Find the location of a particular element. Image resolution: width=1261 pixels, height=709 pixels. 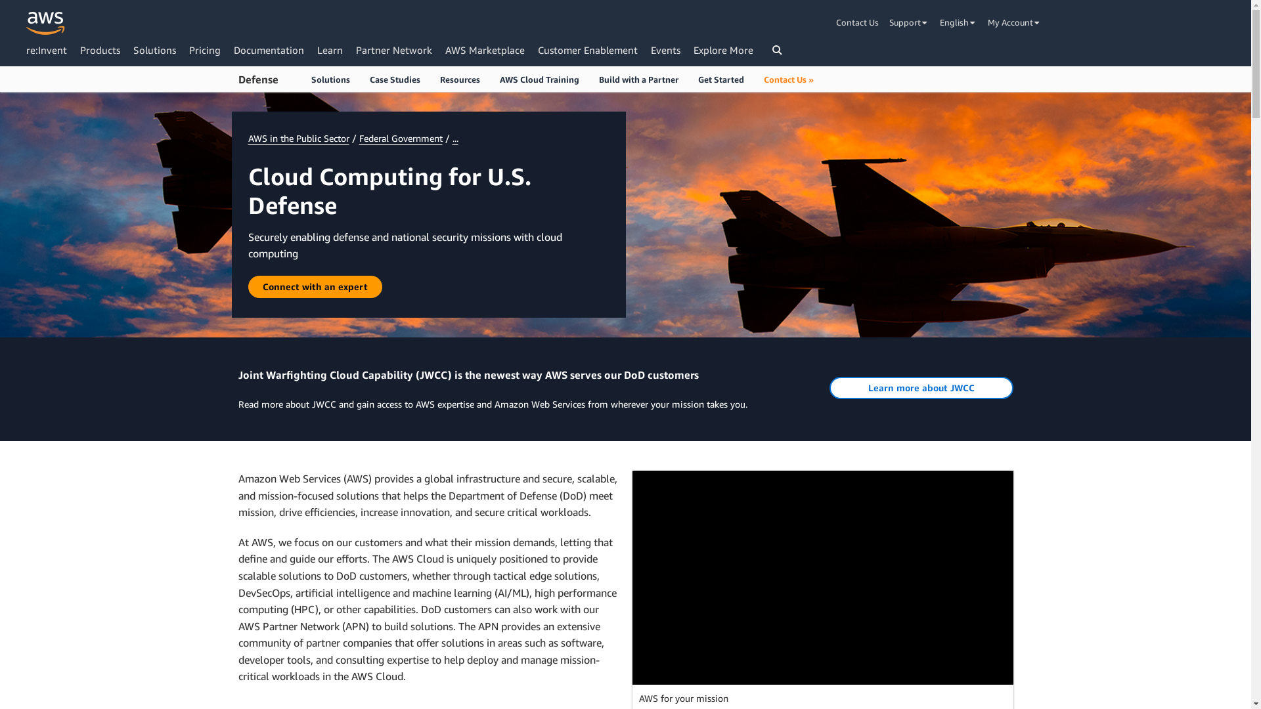

'Solutions' is located at coordinates (133, 49).